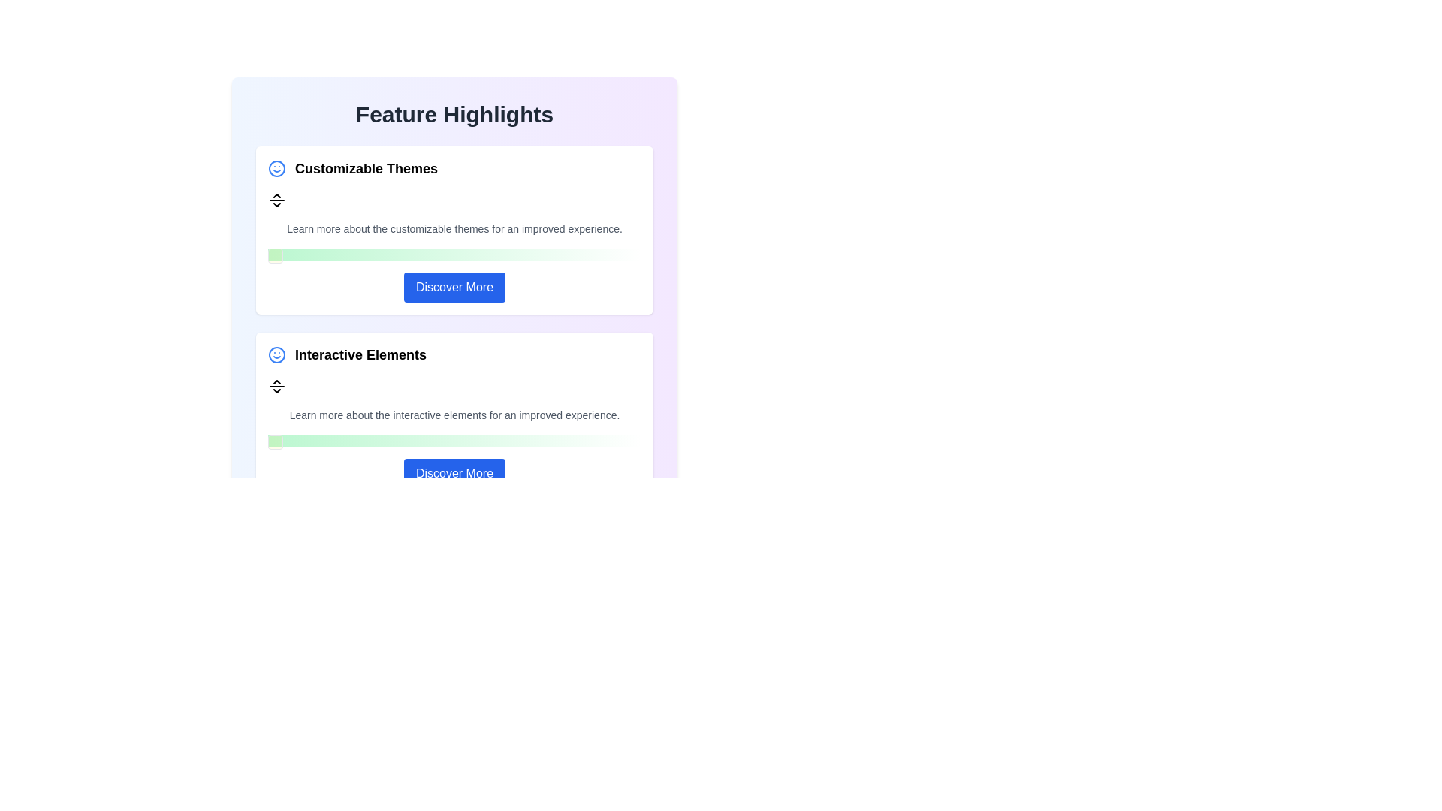 This screenshot has width=1442, height=811. What do you see at coordinates (277, 355) in the screenshot?
I see `the circular SVG element with a blue outline and white fill, which serves as the primary background shape of the smiling face icon for 'Customizable Themes'` at bounding box center [277, 355].